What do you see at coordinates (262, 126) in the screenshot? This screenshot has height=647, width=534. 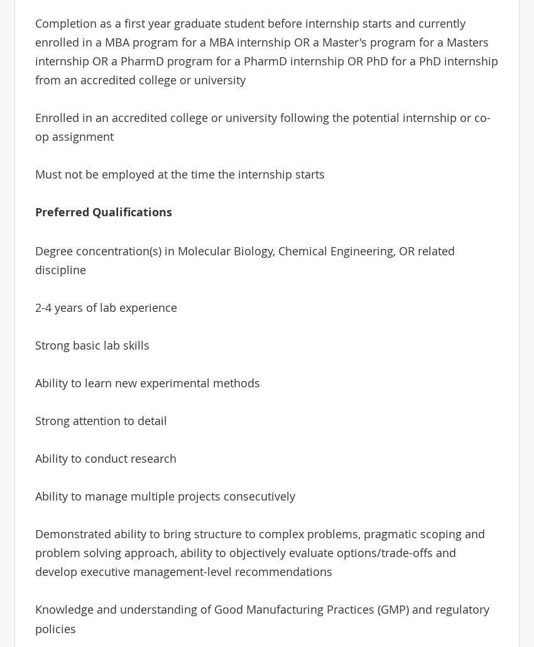 I see `'Enrolled in an accredited college or university following the potential internship or co-op assignment'` at bounding box center [262, 126].